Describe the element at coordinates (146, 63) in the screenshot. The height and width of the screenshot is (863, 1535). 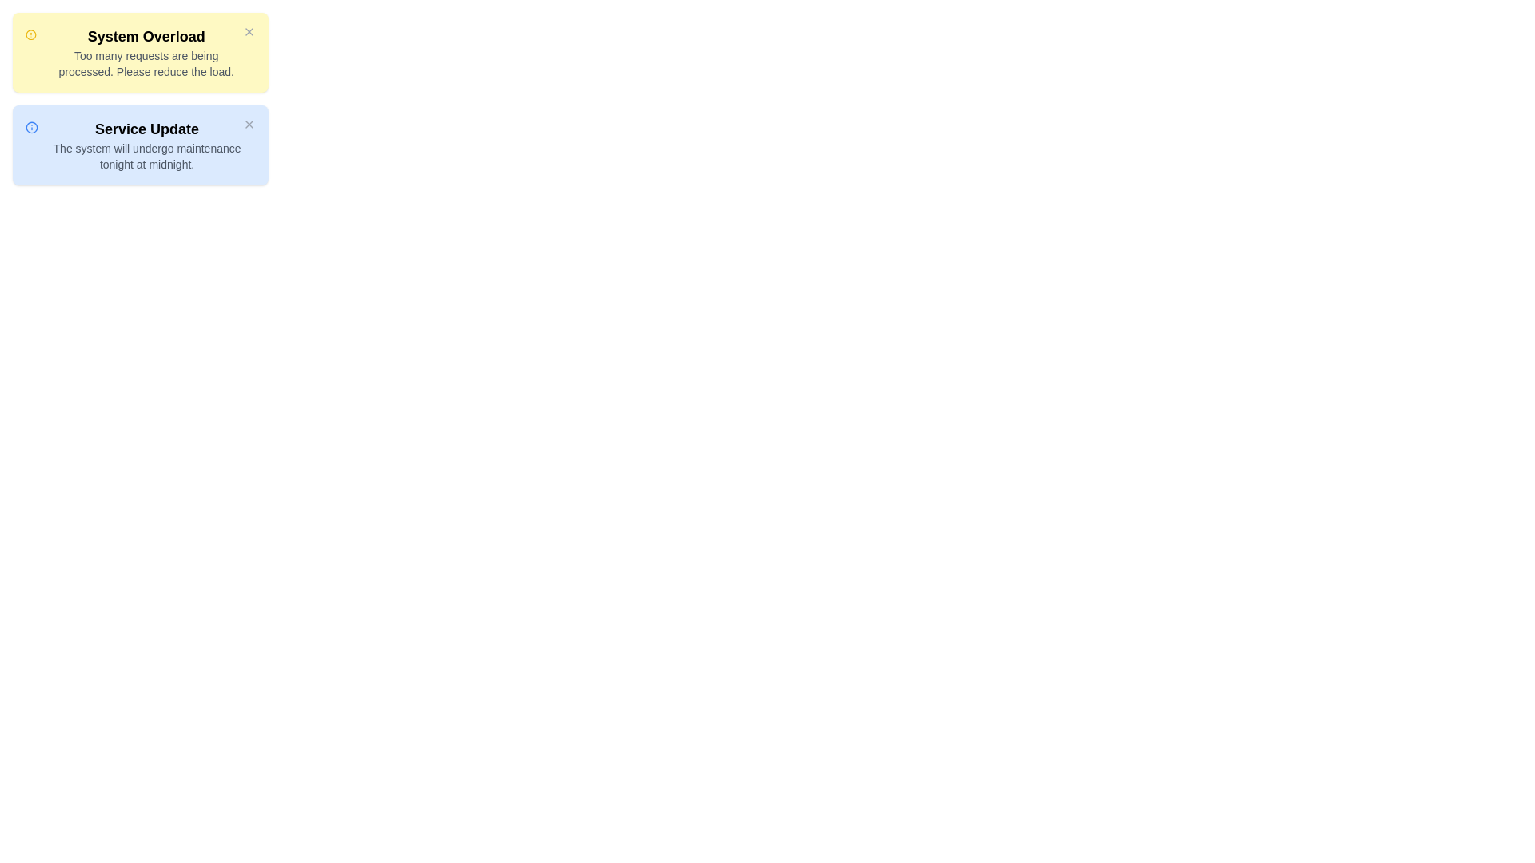
I see `displayed information from the static text block located below the 'System Overload' notification header in the yellow notification box` at that location.